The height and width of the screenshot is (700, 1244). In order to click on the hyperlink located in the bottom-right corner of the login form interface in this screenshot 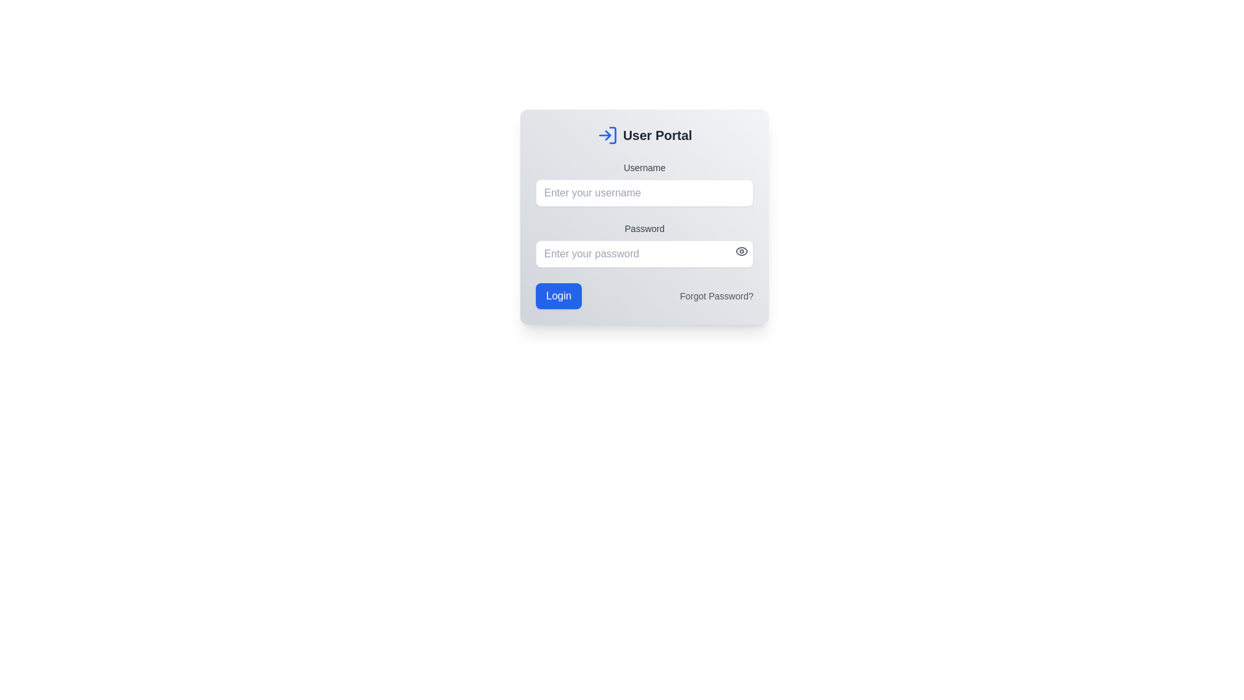, I will do `click(716, 296)`.